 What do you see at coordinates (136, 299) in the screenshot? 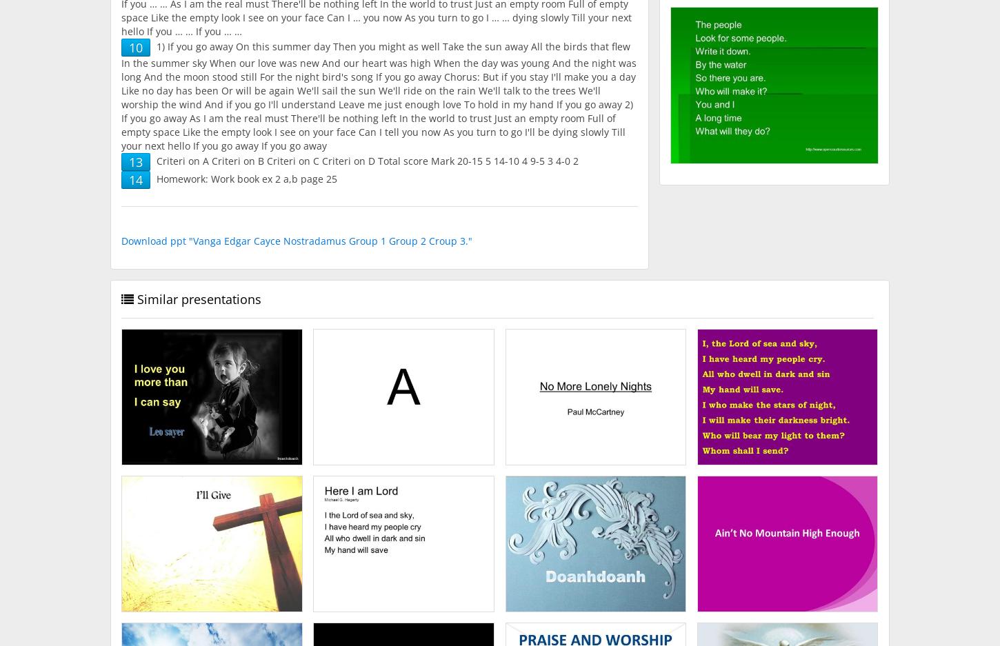
I see `'Similar presentations'` at bounding box center [136, 299].